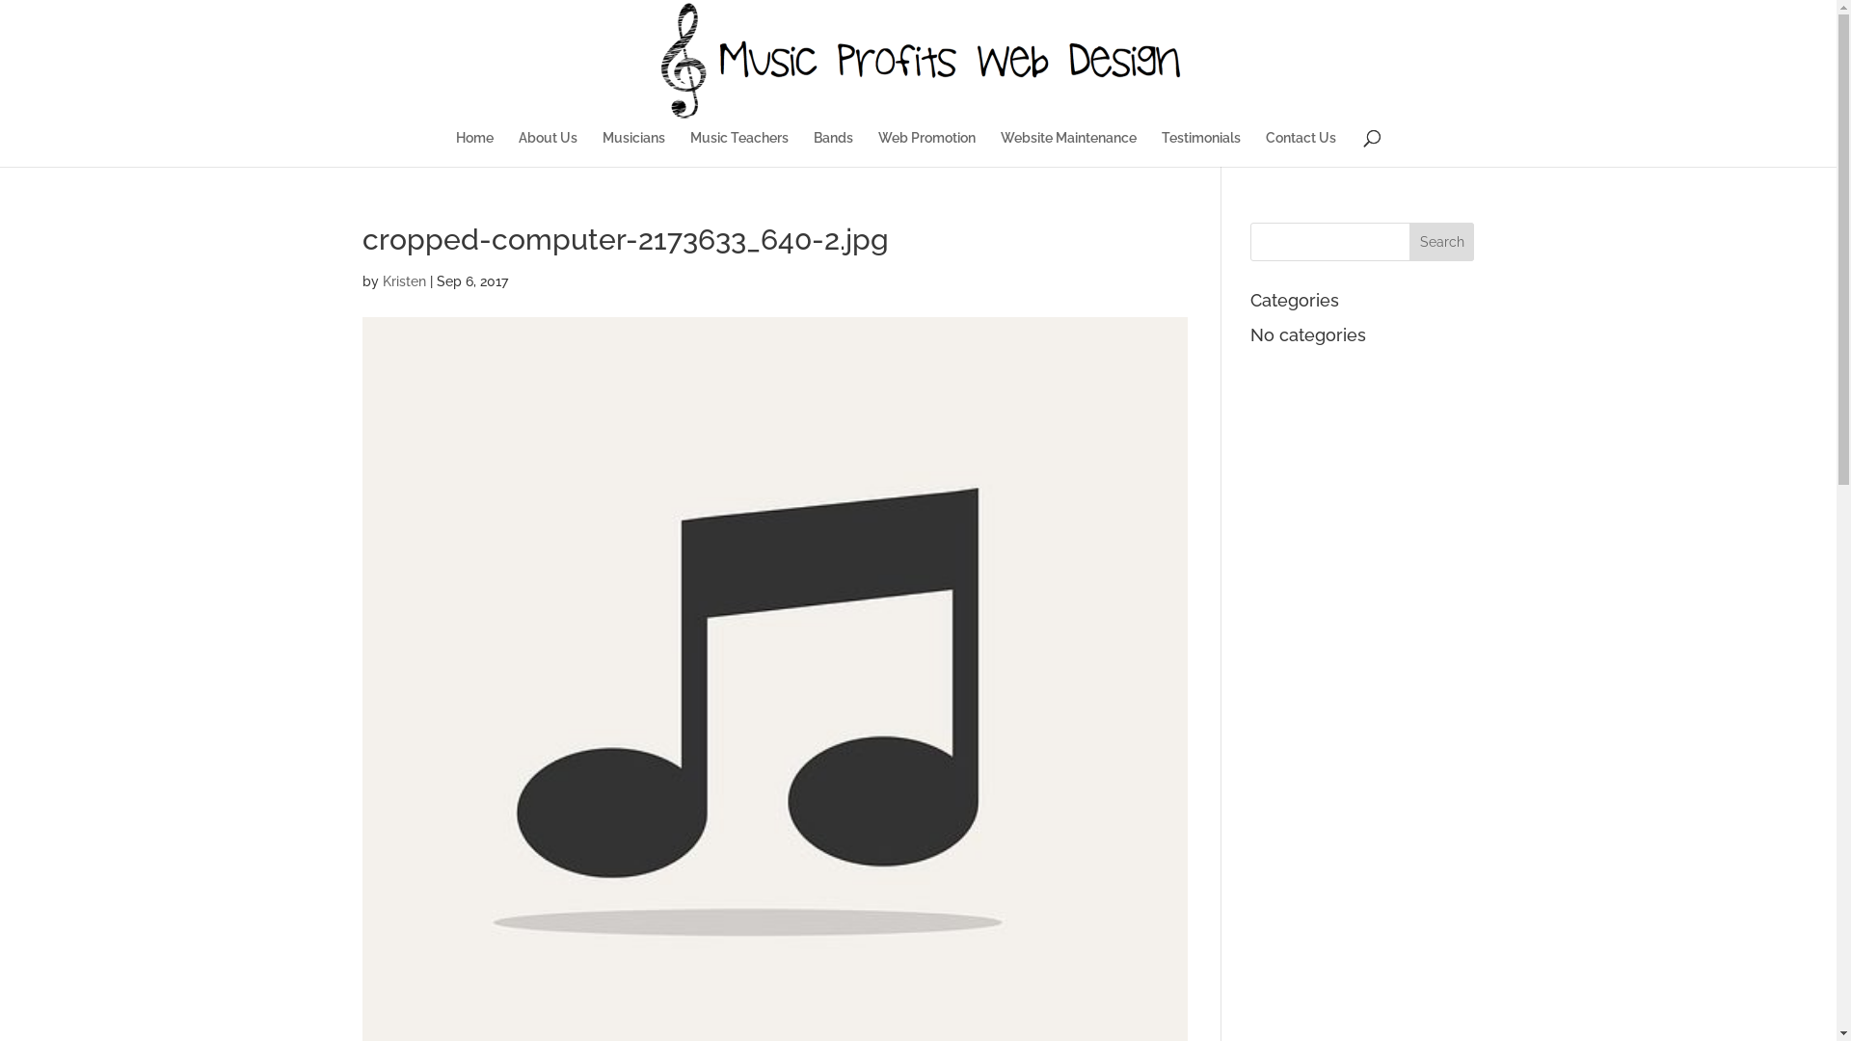 This screenshot has height=1041, width=1851. I want to click on 'About Us', so click(547, 147).